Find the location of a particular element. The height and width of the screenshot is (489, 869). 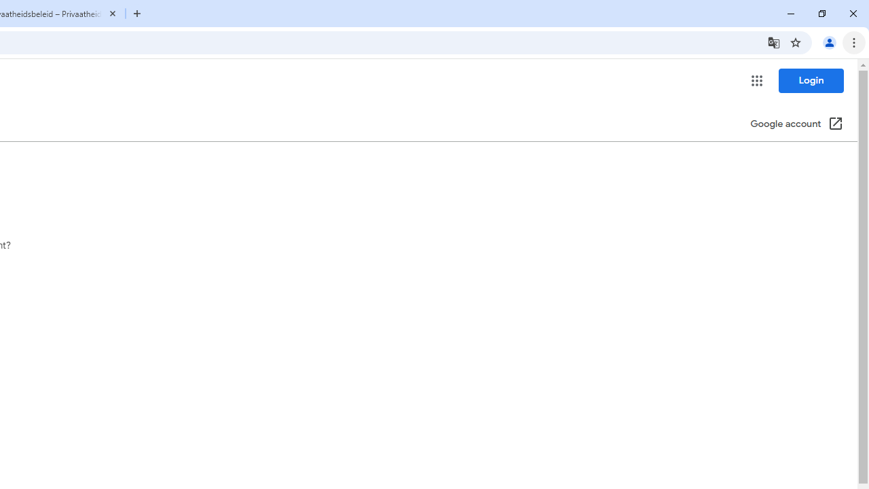

'New Tab' is located at coordinates (137, 14).